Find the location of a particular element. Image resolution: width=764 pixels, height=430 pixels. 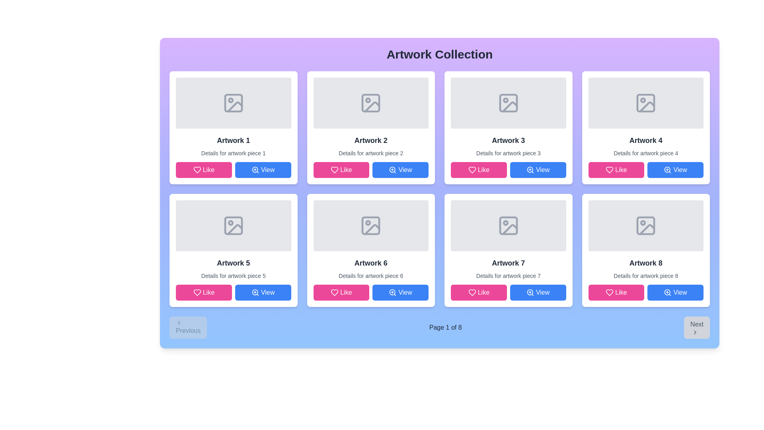

the 'View' button on the combined UI component located below the 'Details for artwork piece 2' text in the lower portion of the 'Artwork 2' card is located at coordinates (370, 170).